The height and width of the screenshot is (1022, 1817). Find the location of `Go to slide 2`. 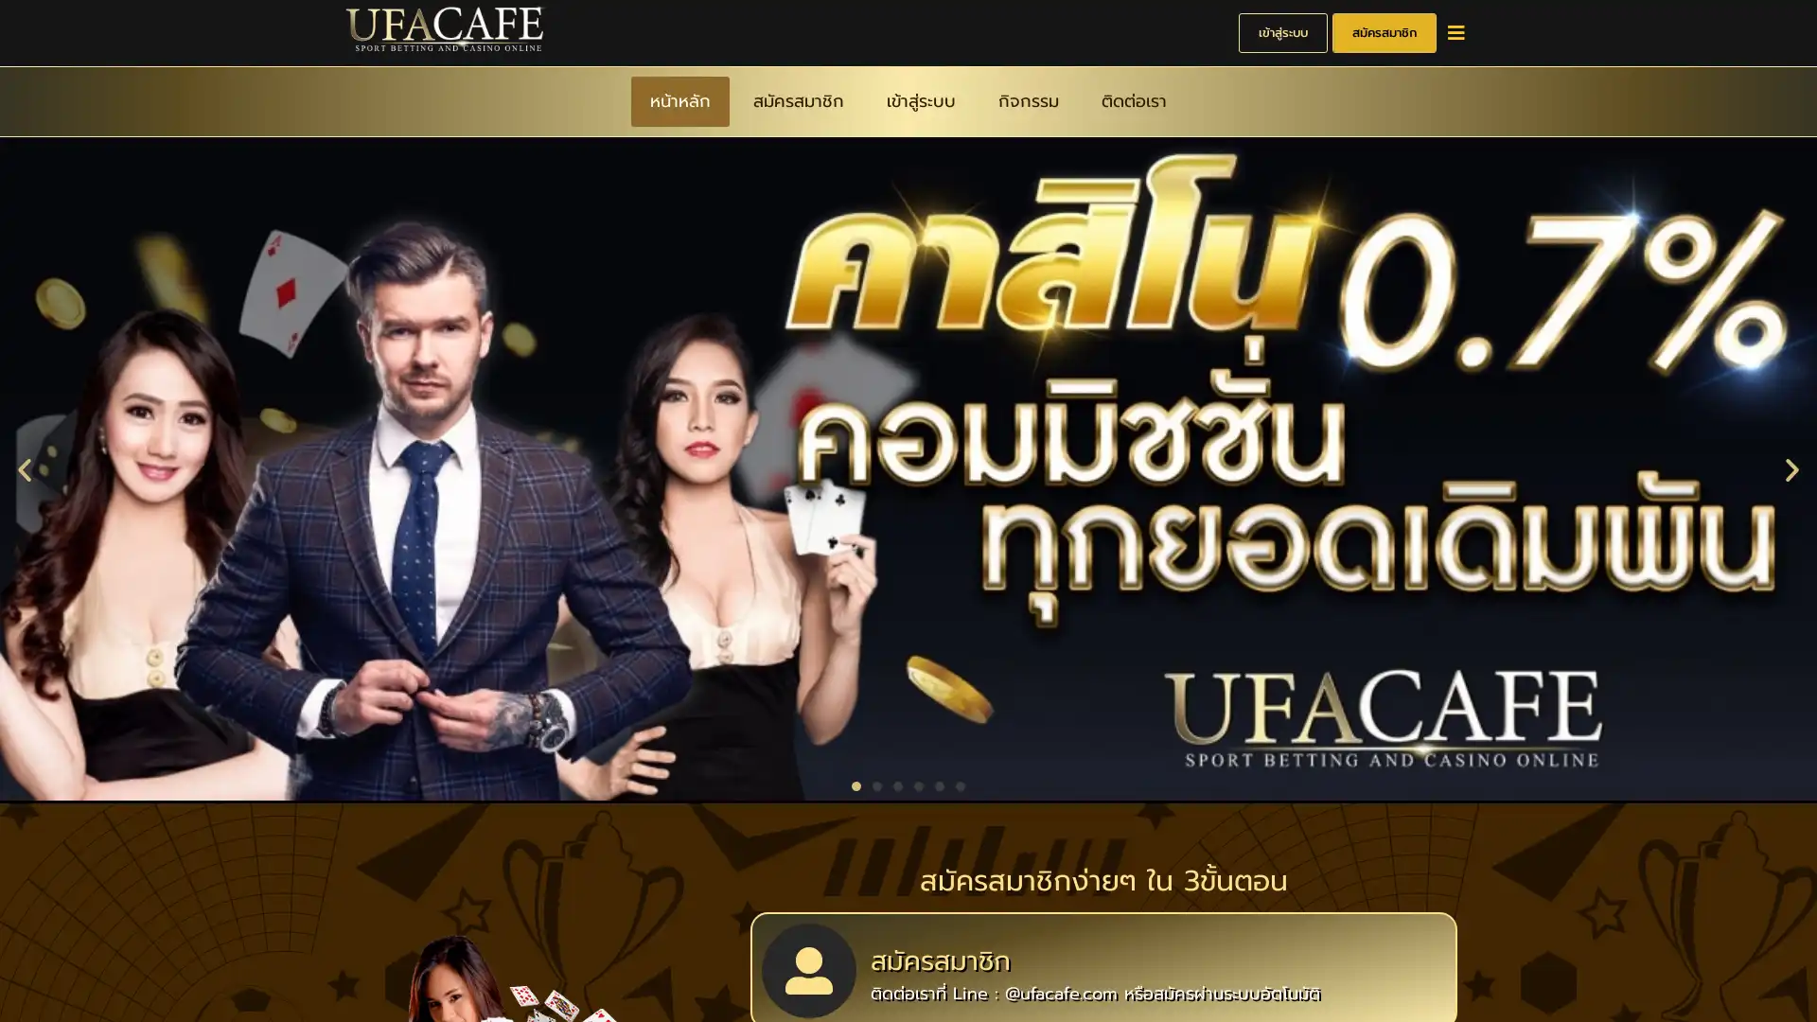

Go to slide 2 is located at coordinates (875, 784).